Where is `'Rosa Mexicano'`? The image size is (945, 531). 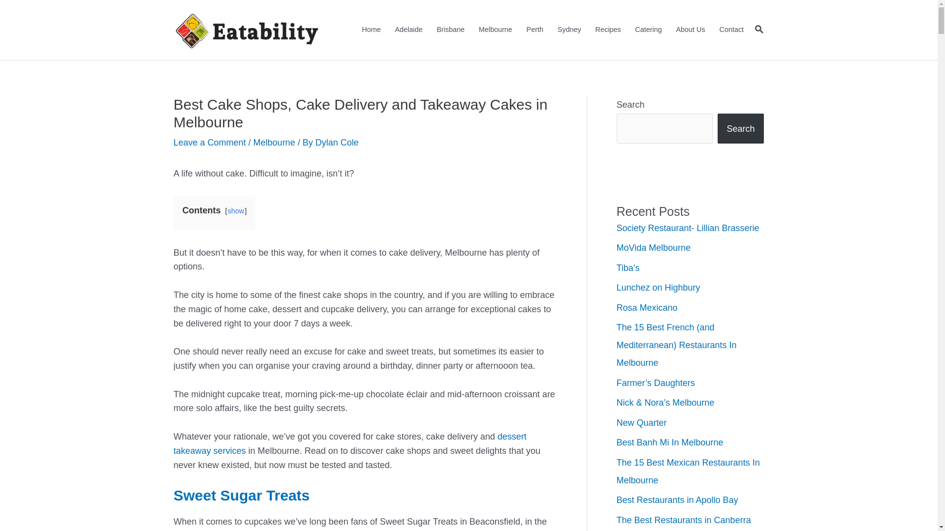
'Rosa Mexicano' is located at coordinates (647, 307).